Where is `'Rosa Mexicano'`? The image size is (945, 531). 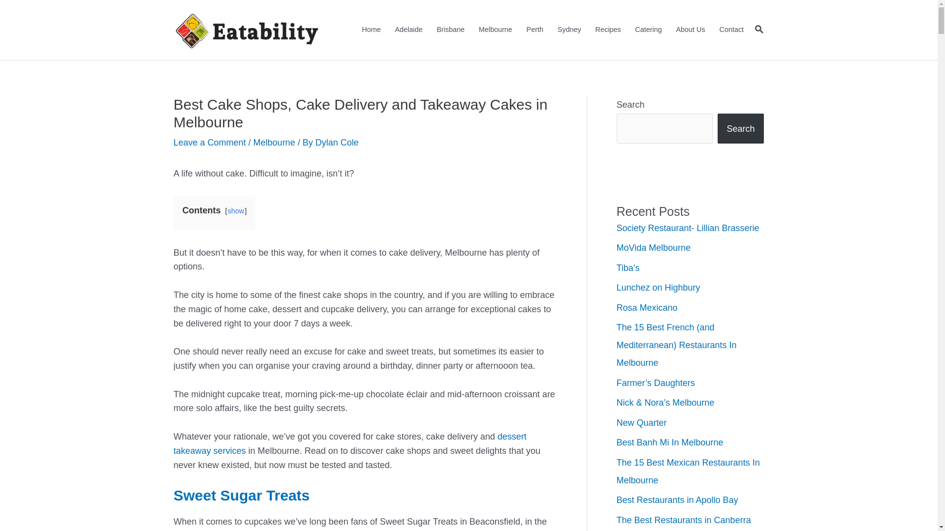
'Rosa Mexicano' is located at coordinates (647, 307).